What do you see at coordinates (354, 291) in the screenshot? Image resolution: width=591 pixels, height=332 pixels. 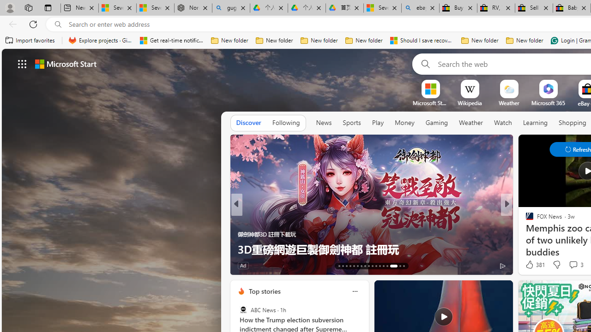 I see `'More options'` at bounding box center [354, 291].